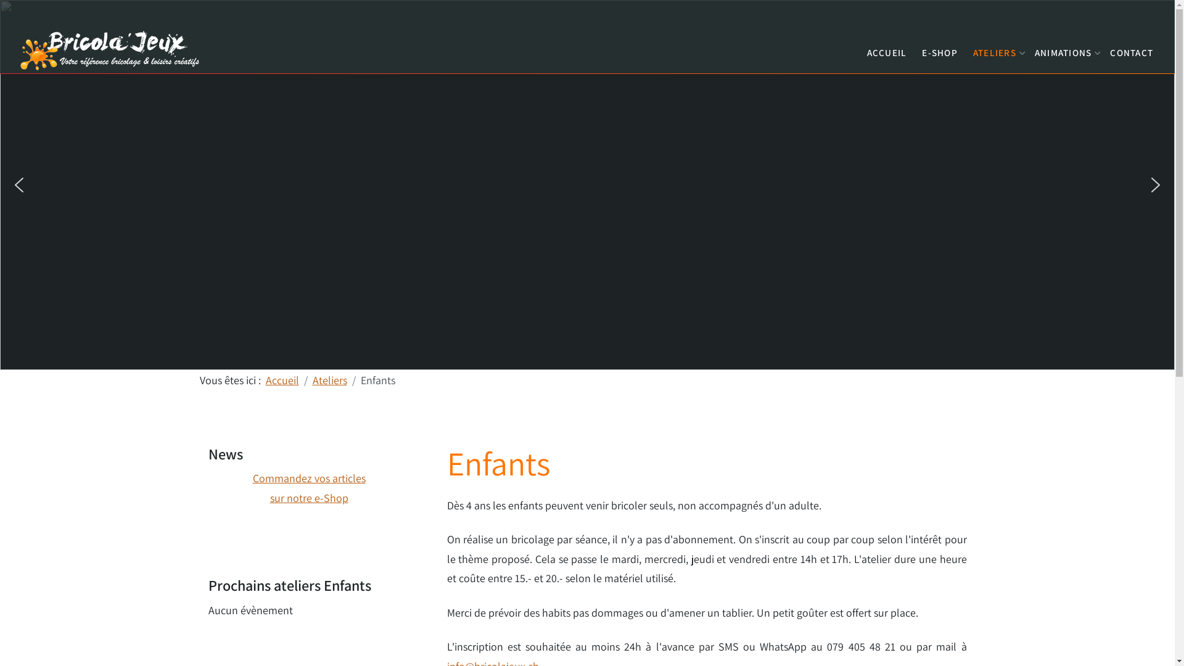 This screenshot has width=1184, height=666. Describe the element at coordinates (252, 487) in the screenshot. I see `'Commandez vos articles` at that location.